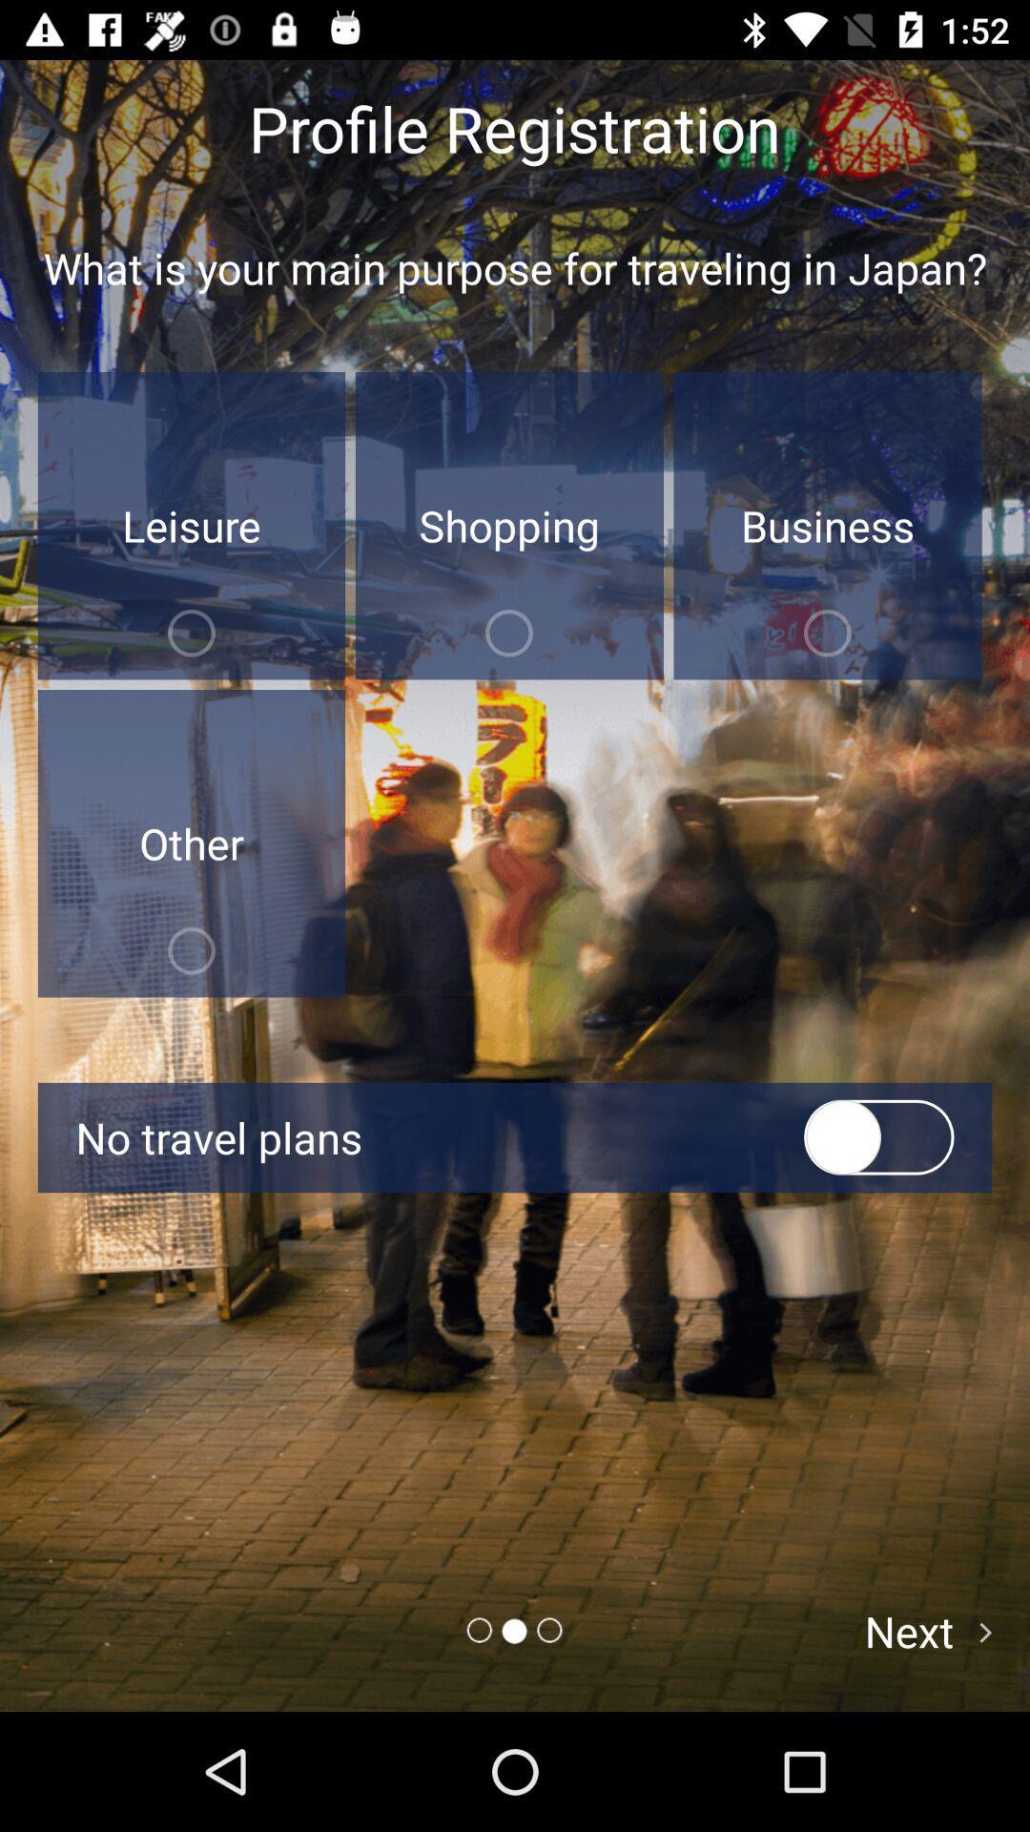  I want to click on i have travel plans, so click(878, 1137).